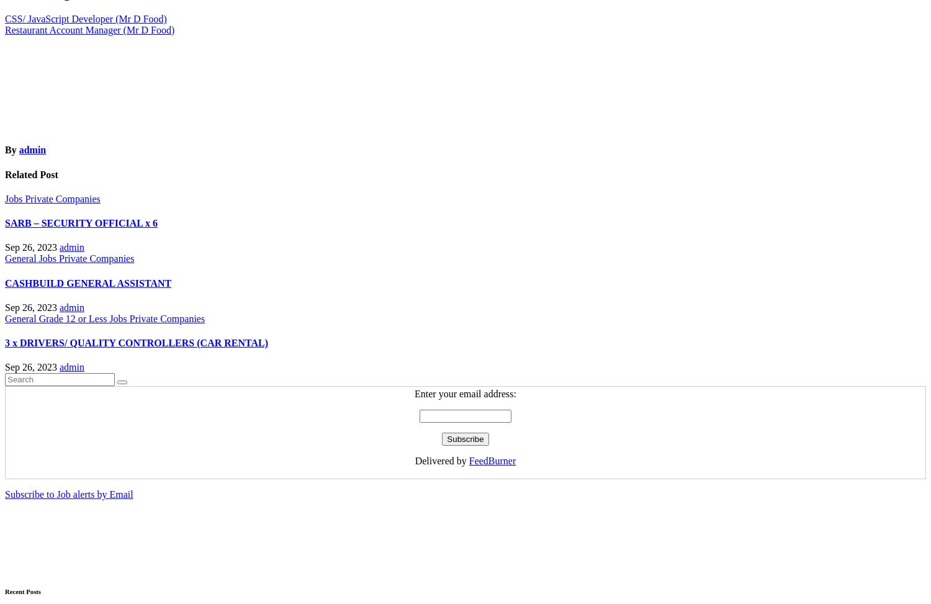 Image resolution: width=931 pixels, height=604 pixels. I want to click on 'FeedBurner', so click(492, 461).